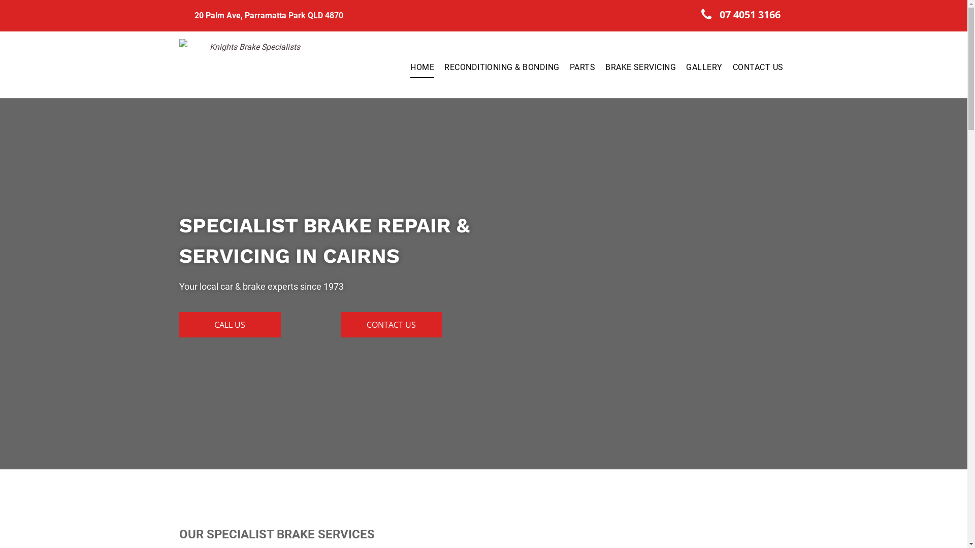 The height and width of the screenshot is (548, 975). I want to click on 'PARTS', so click(582, 67).